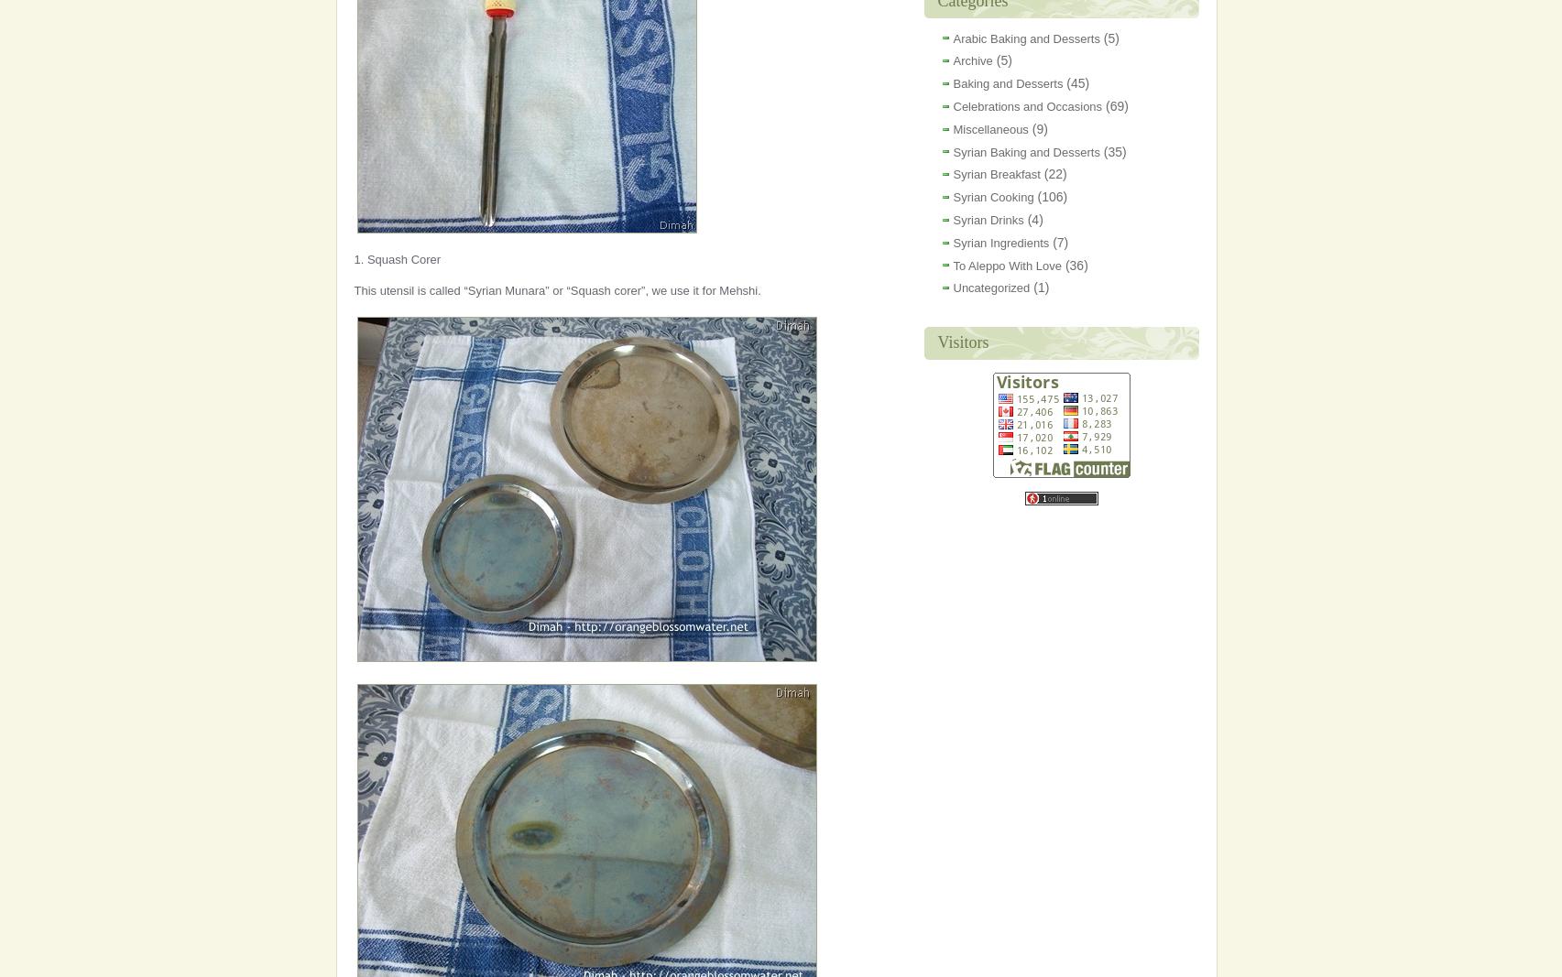 The width and height of the screenshot is (1562, 977). Describe the element at coordinates (1050, 197) in the screenshot. I see `'(106)'` at that location.